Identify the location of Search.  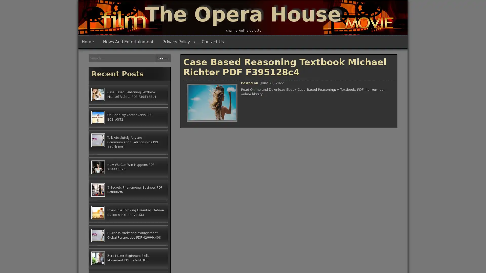
(163, 58).